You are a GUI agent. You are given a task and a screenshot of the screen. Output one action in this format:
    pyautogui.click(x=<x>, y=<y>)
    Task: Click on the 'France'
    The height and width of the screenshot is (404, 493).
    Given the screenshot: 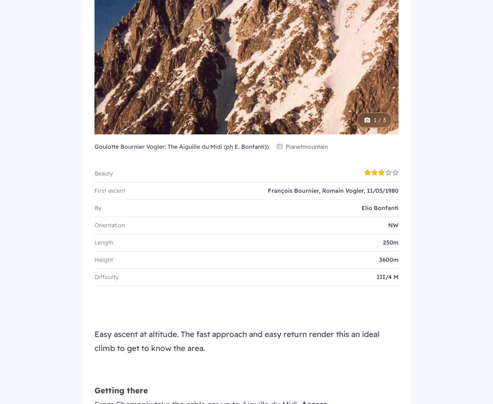 What is the action you would take?
    pyautogui.click(x=201, y=94)
    